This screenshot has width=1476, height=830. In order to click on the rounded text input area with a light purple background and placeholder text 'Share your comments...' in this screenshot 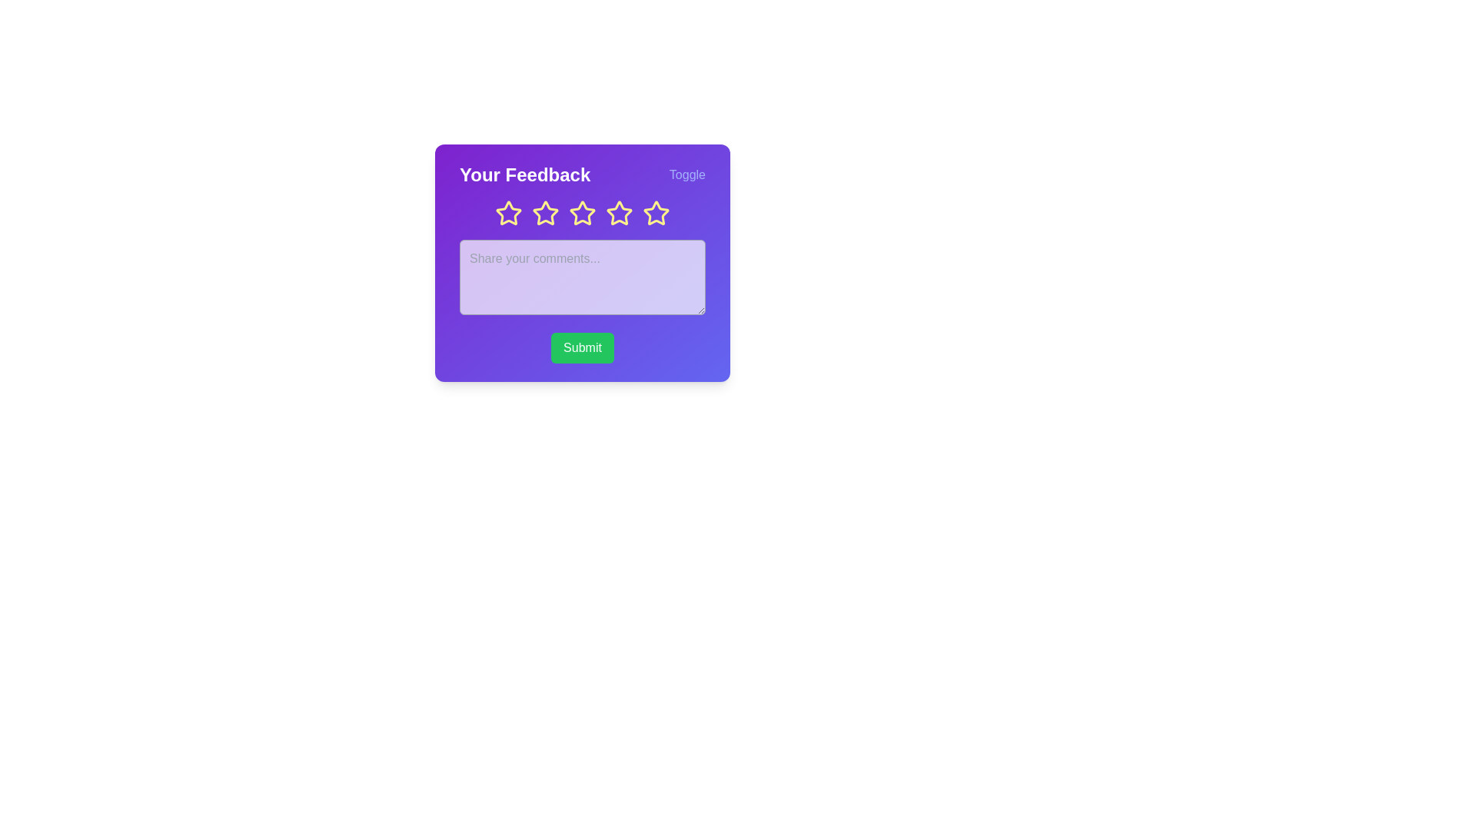, I will do `click(582, 262)`.